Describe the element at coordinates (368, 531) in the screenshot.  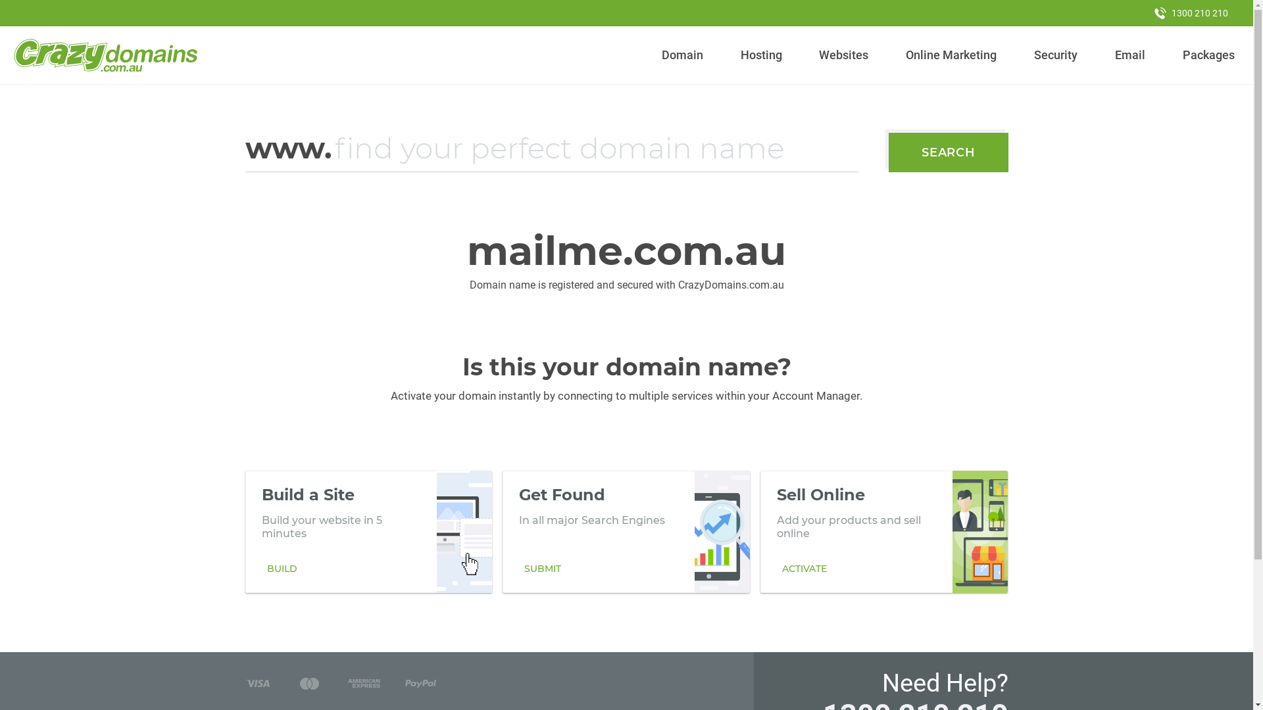
I see `'Build a Site` at that location.